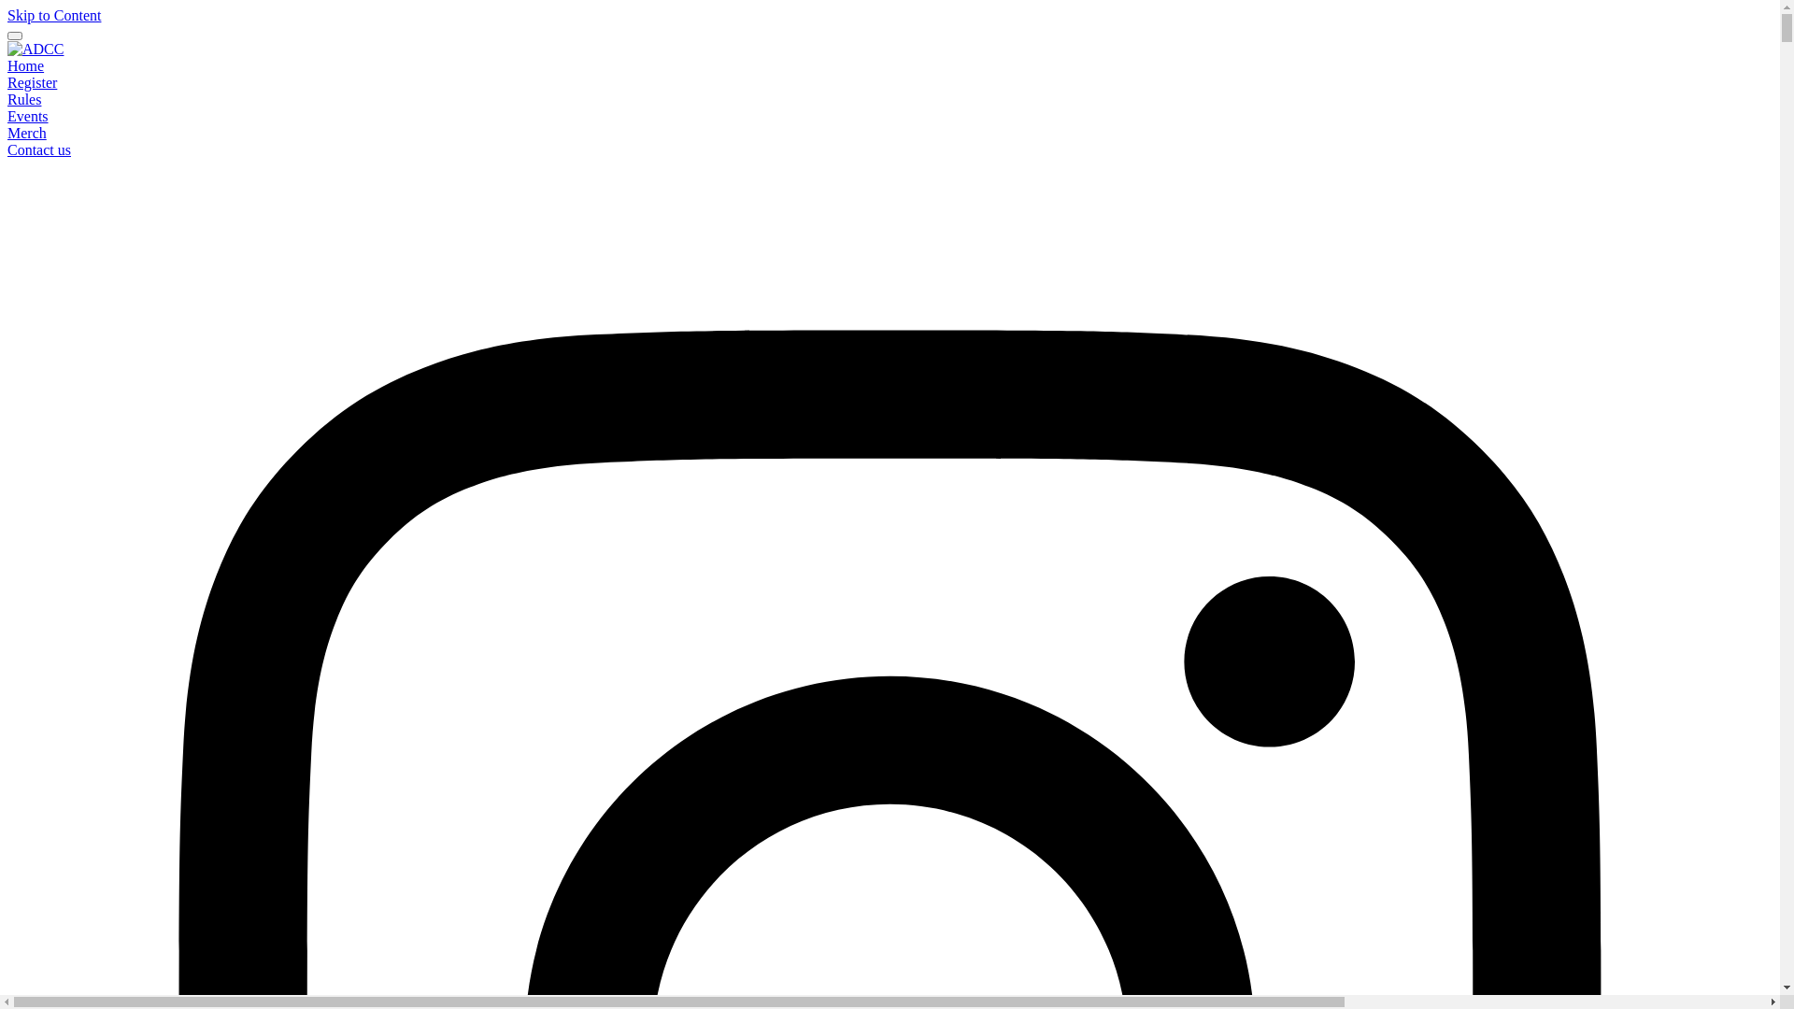  What do you see at coordinates (7, 81) in the screenshot?
I see `'Register'` at bounding box center [7, 81].